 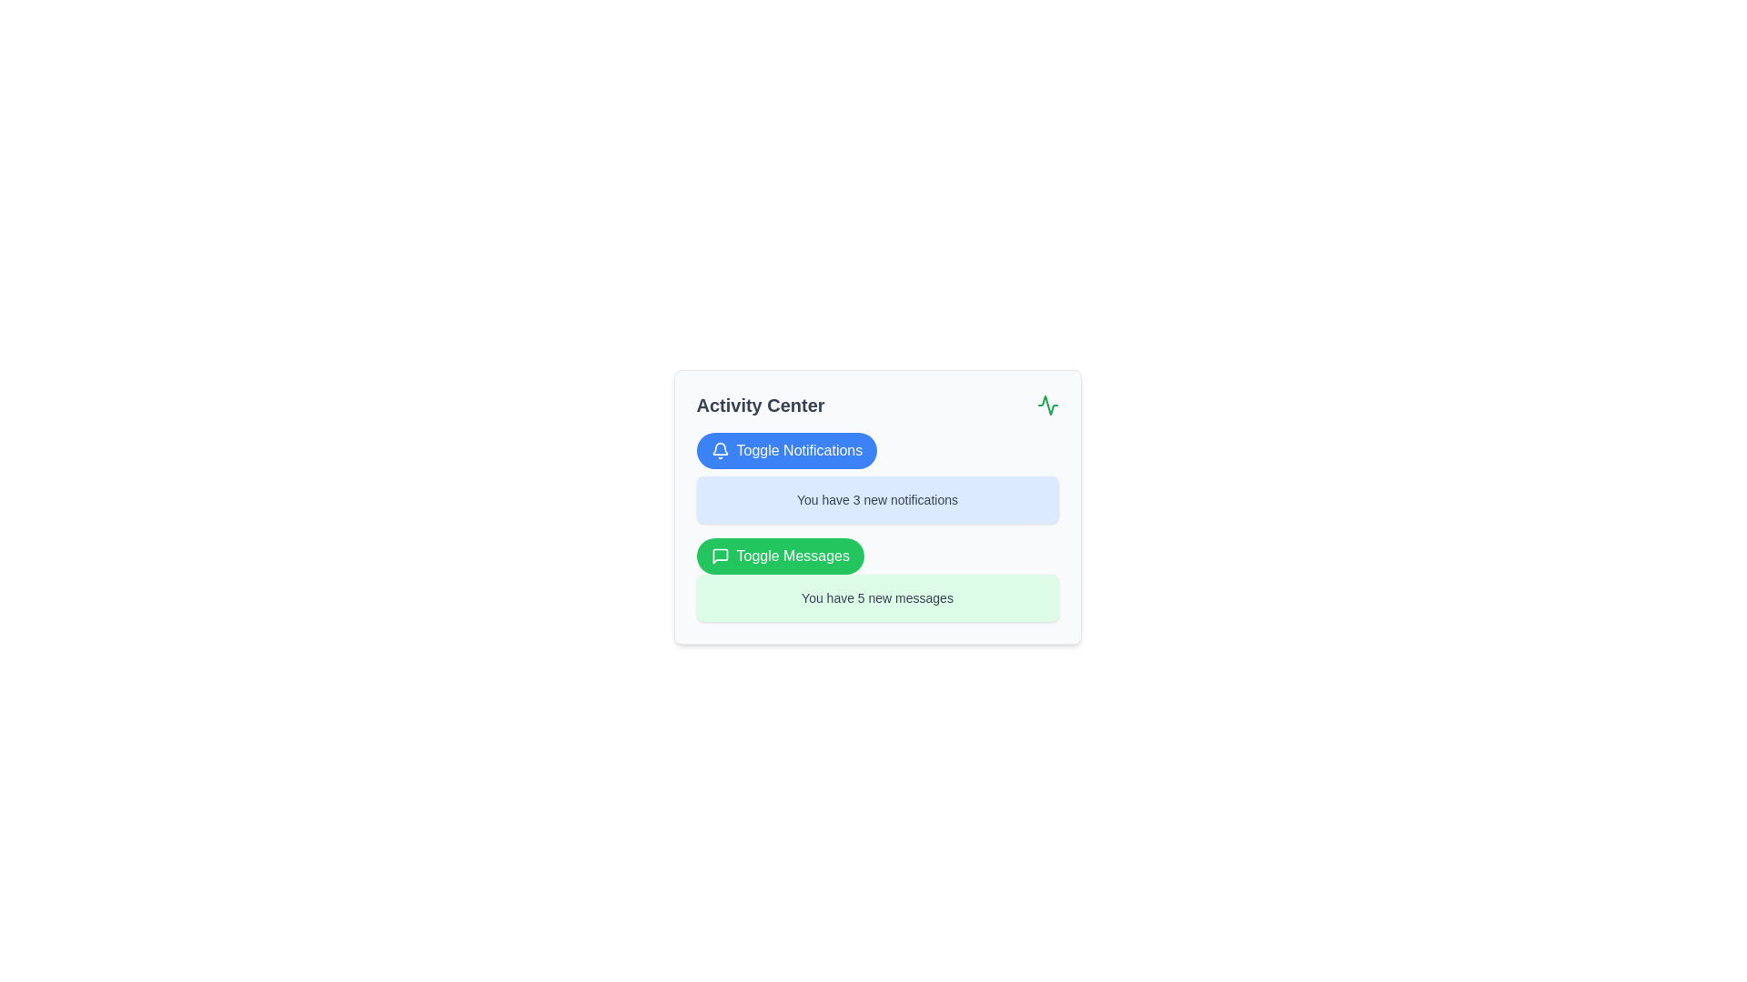 What do you see at coordinates (877, 500) in the screenshot?
I see `the Notification Display Box, which has a light blue background, rounded corners, and contains the text 'You have 3 new notifications'` at bounding box center [877, 500].